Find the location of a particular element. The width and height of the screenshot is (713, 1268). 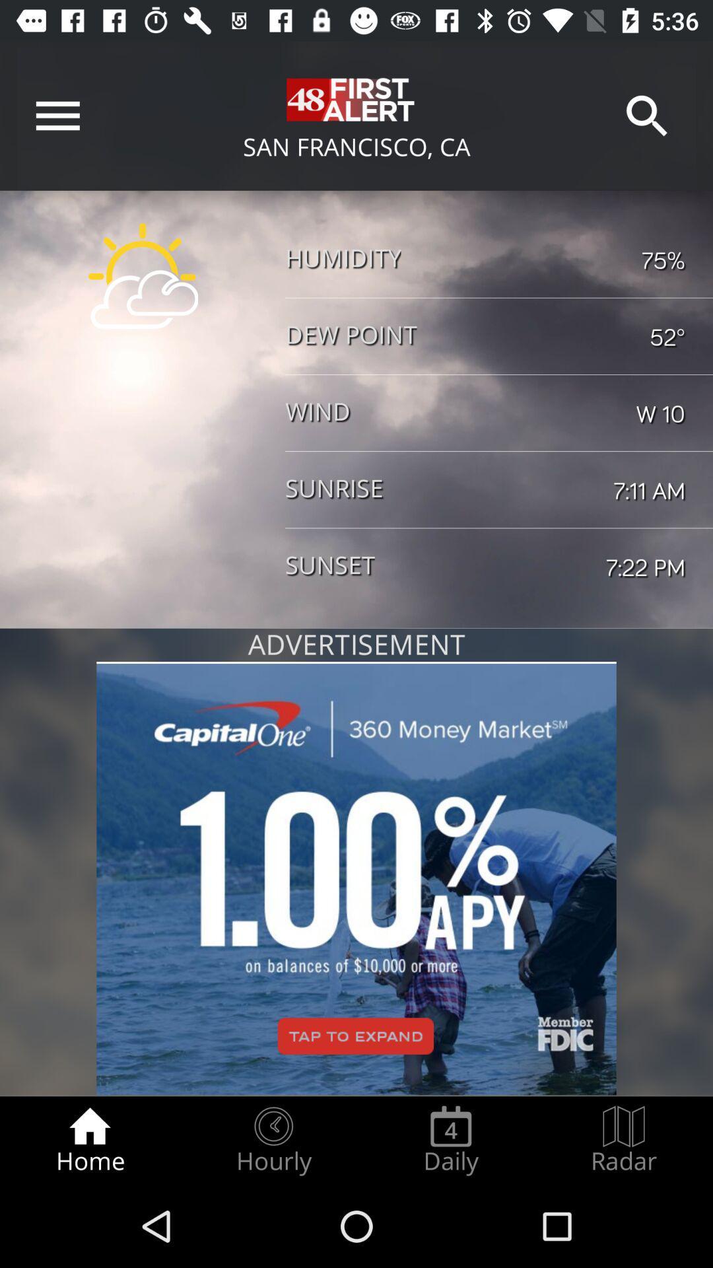

the daily radio button is located at coordinates (450, 1140).